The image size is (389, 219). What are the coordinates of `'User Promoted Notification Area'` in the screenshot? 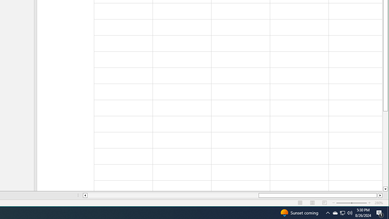 It's located at (350, 212).